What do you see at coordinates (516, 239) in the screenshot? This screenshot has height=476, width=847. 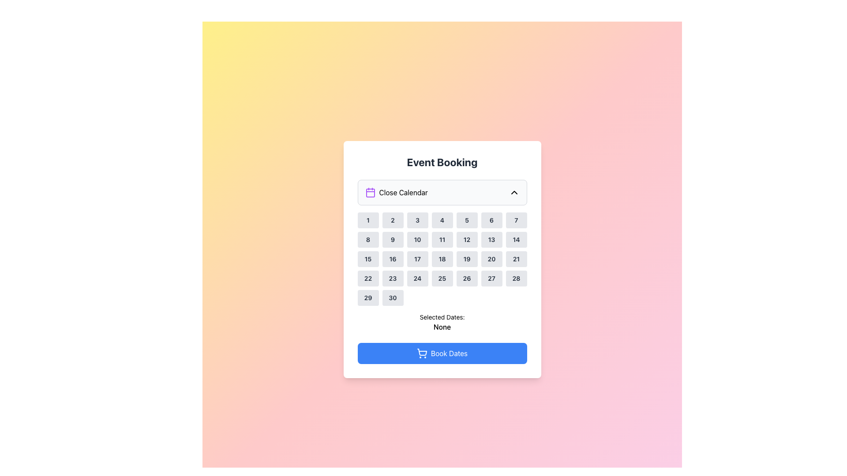 I see `the button displaying the number '14' in the calendar grid layout` at bounding box center [516, 239].